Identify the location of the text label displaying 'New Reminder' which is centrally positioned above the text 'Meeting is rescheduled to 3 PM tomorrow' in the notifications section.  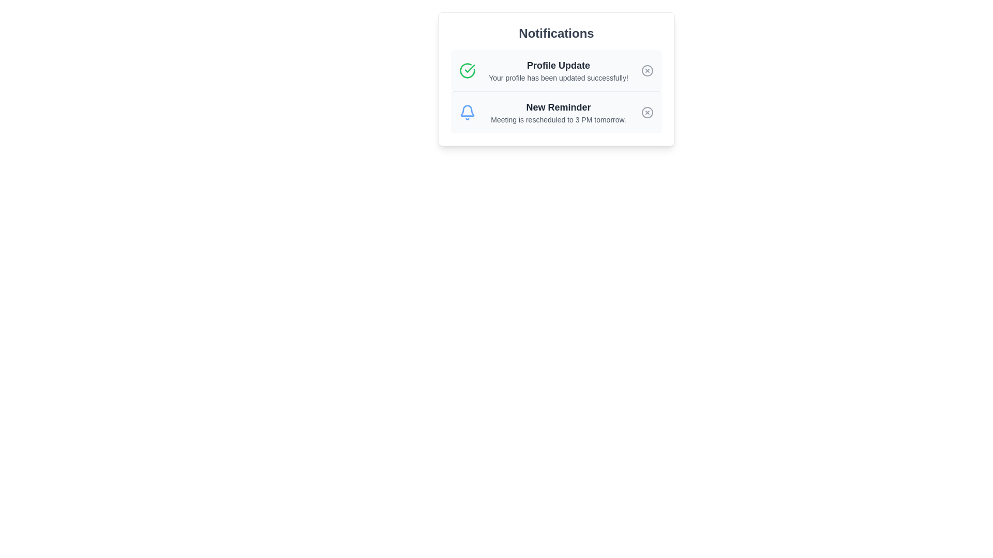
(558, 107).